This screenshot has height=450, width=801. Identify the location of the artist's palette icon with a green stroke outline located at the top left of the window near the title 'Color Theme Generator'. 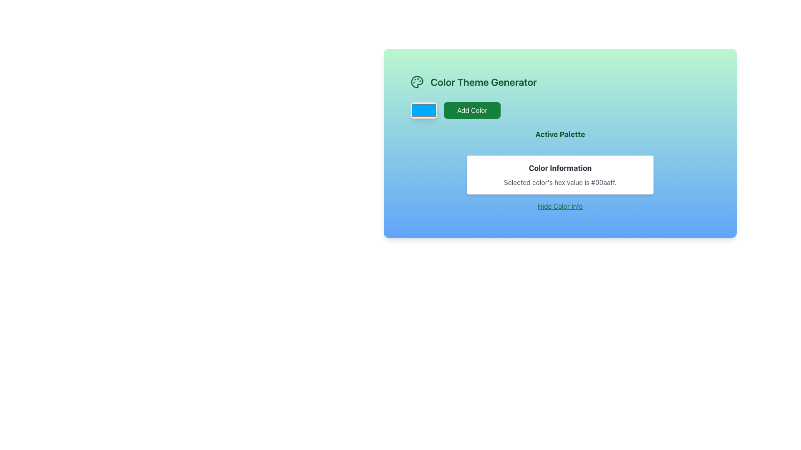
(417, 82).